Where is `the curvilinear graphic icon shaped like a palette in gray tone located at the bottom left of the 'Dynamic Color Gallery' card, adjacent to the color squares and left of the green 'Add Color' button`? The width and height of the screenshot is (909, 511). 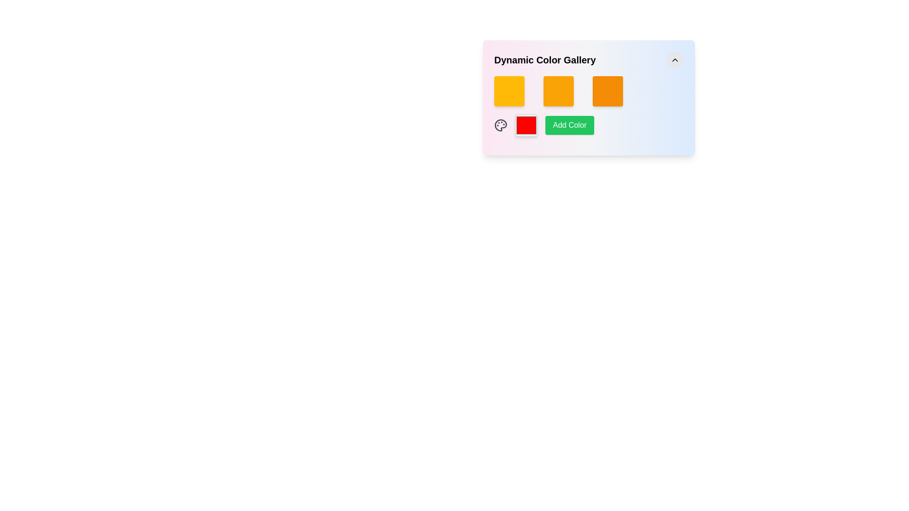 the curvilinear graphic icon shaped like a palette in gray tone located at the bottom left of the 'Dynamic Color Gallery' card, adjacent to the color squares and left of the green 'Add Color' button is located at coordinates (500, 125).